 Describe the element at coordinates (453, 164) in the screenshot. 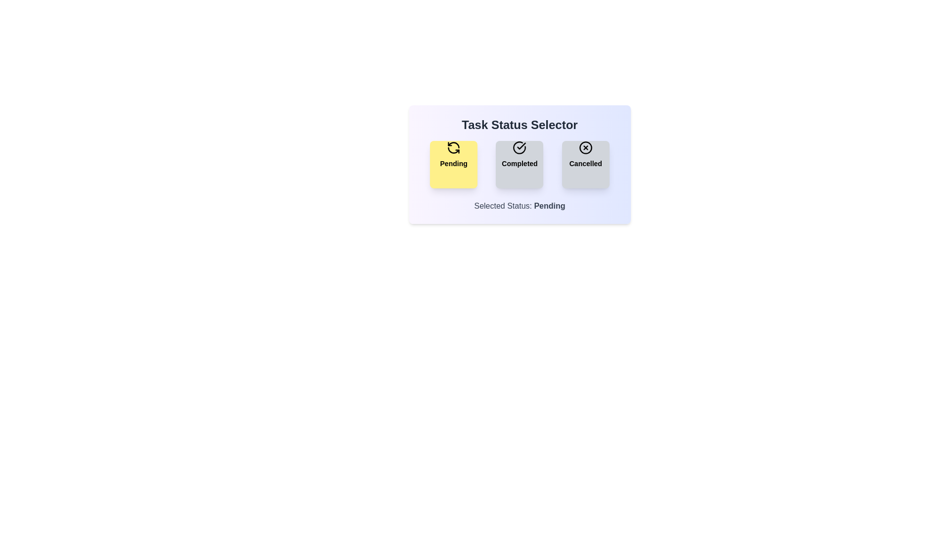

I see `the Pending button to observe its hover effect` at that location.